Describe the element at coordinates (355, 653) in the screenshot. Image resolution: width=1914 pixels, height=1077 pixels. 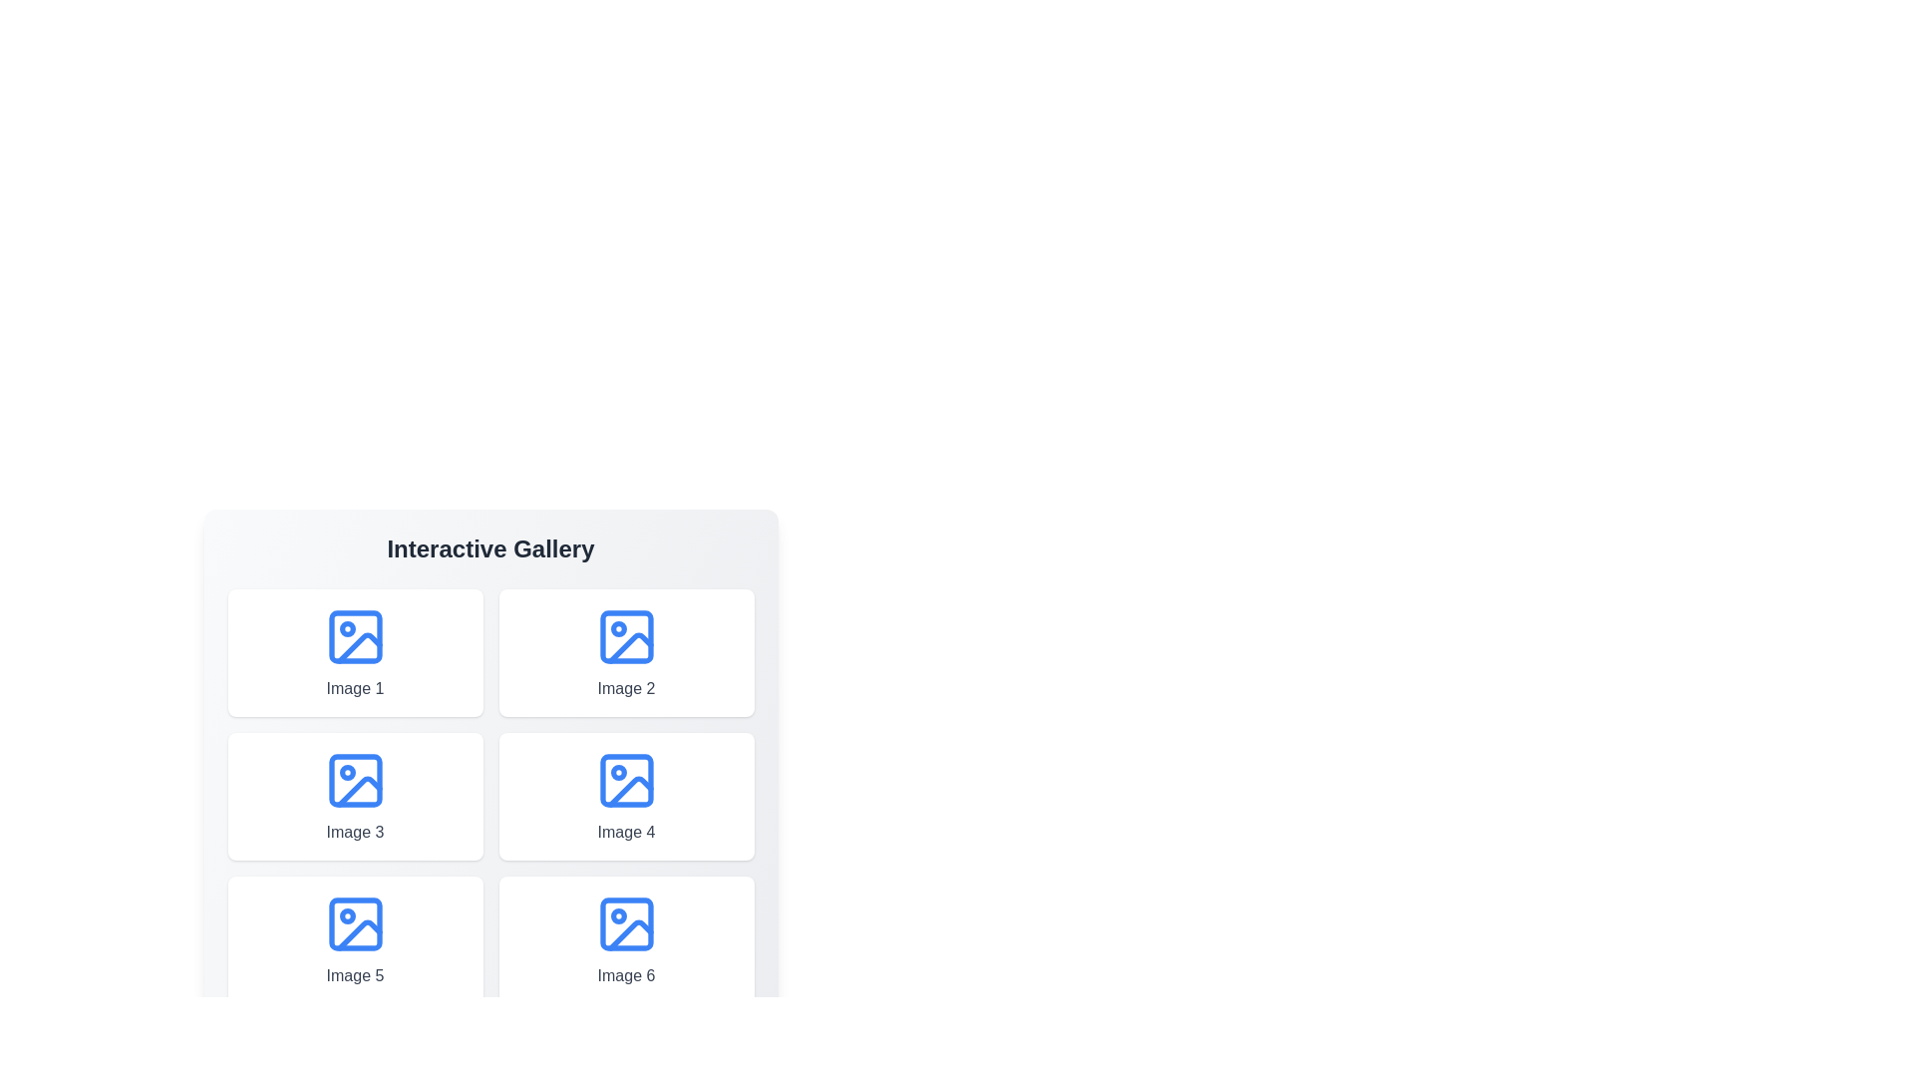
I see `the image labeled Image 1 to view its details` at that location.